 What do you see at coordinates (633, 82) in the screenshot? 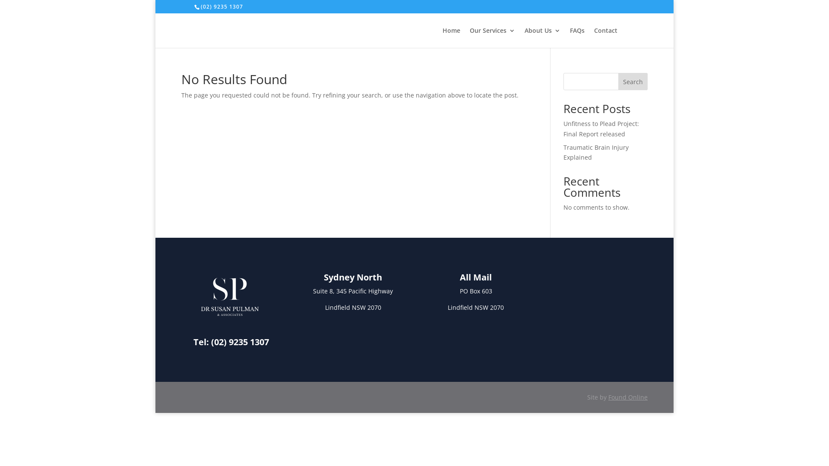
I see `'Search'` at bounding box center [633, 82].